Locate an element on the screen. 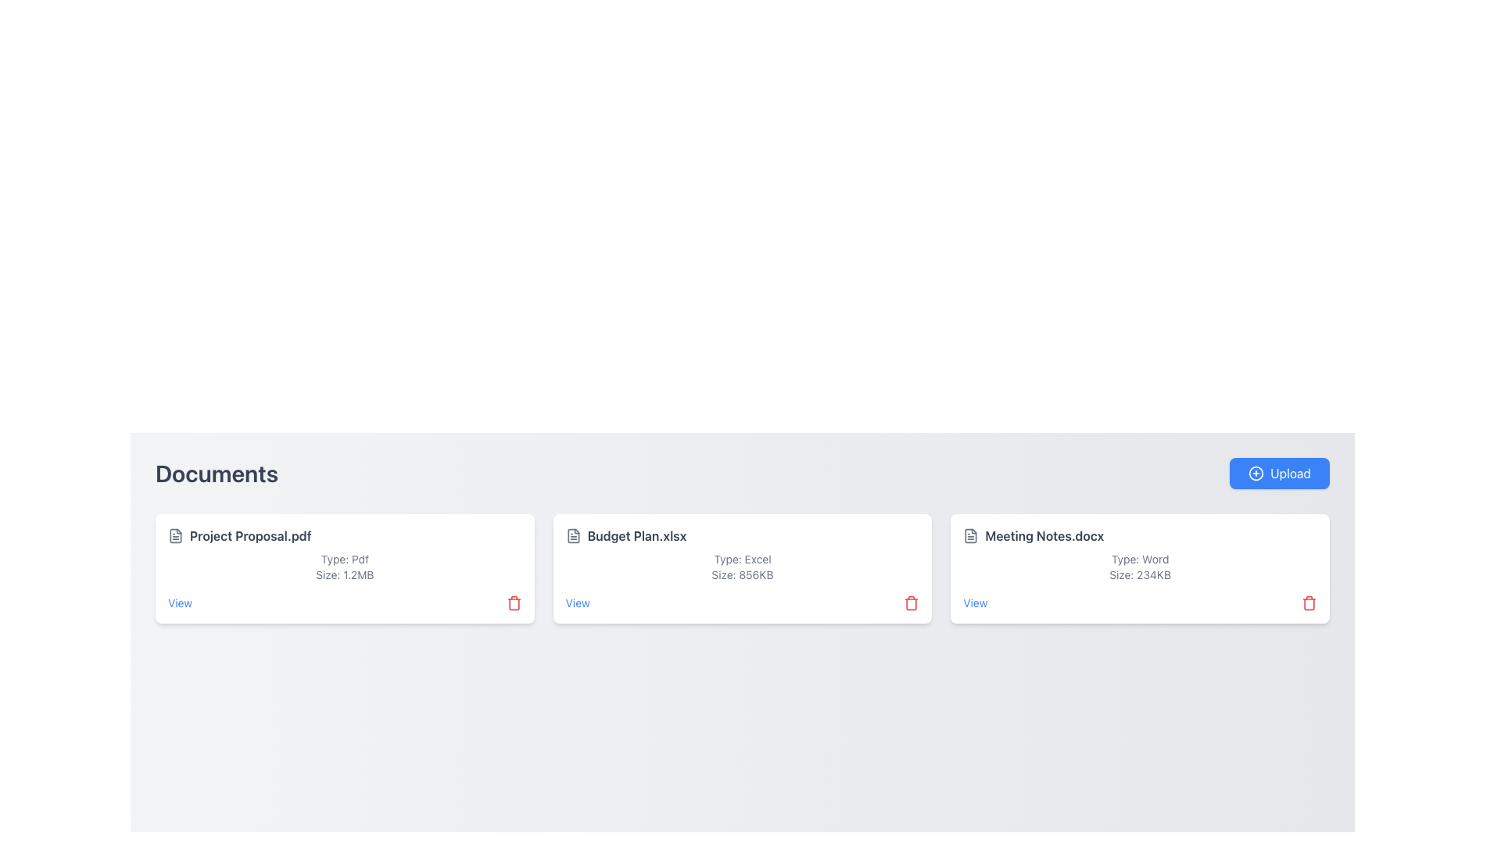 The height and width of the screenshot is (844, 1501). the File Card UI Component that displays details of the file named 'Meeting Notes.docx', located in the third column of a three-column grid layout under the 'Documents' section is located at coordinates (1140, 569).